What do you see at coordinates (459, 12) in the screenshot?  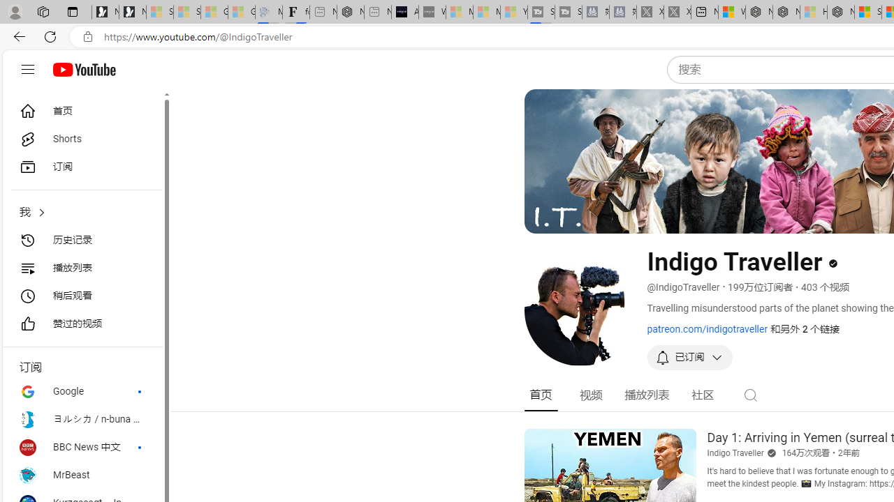 I see `'Microsoft Start Sports - Sleeping'` at bounding box center [459, 12].